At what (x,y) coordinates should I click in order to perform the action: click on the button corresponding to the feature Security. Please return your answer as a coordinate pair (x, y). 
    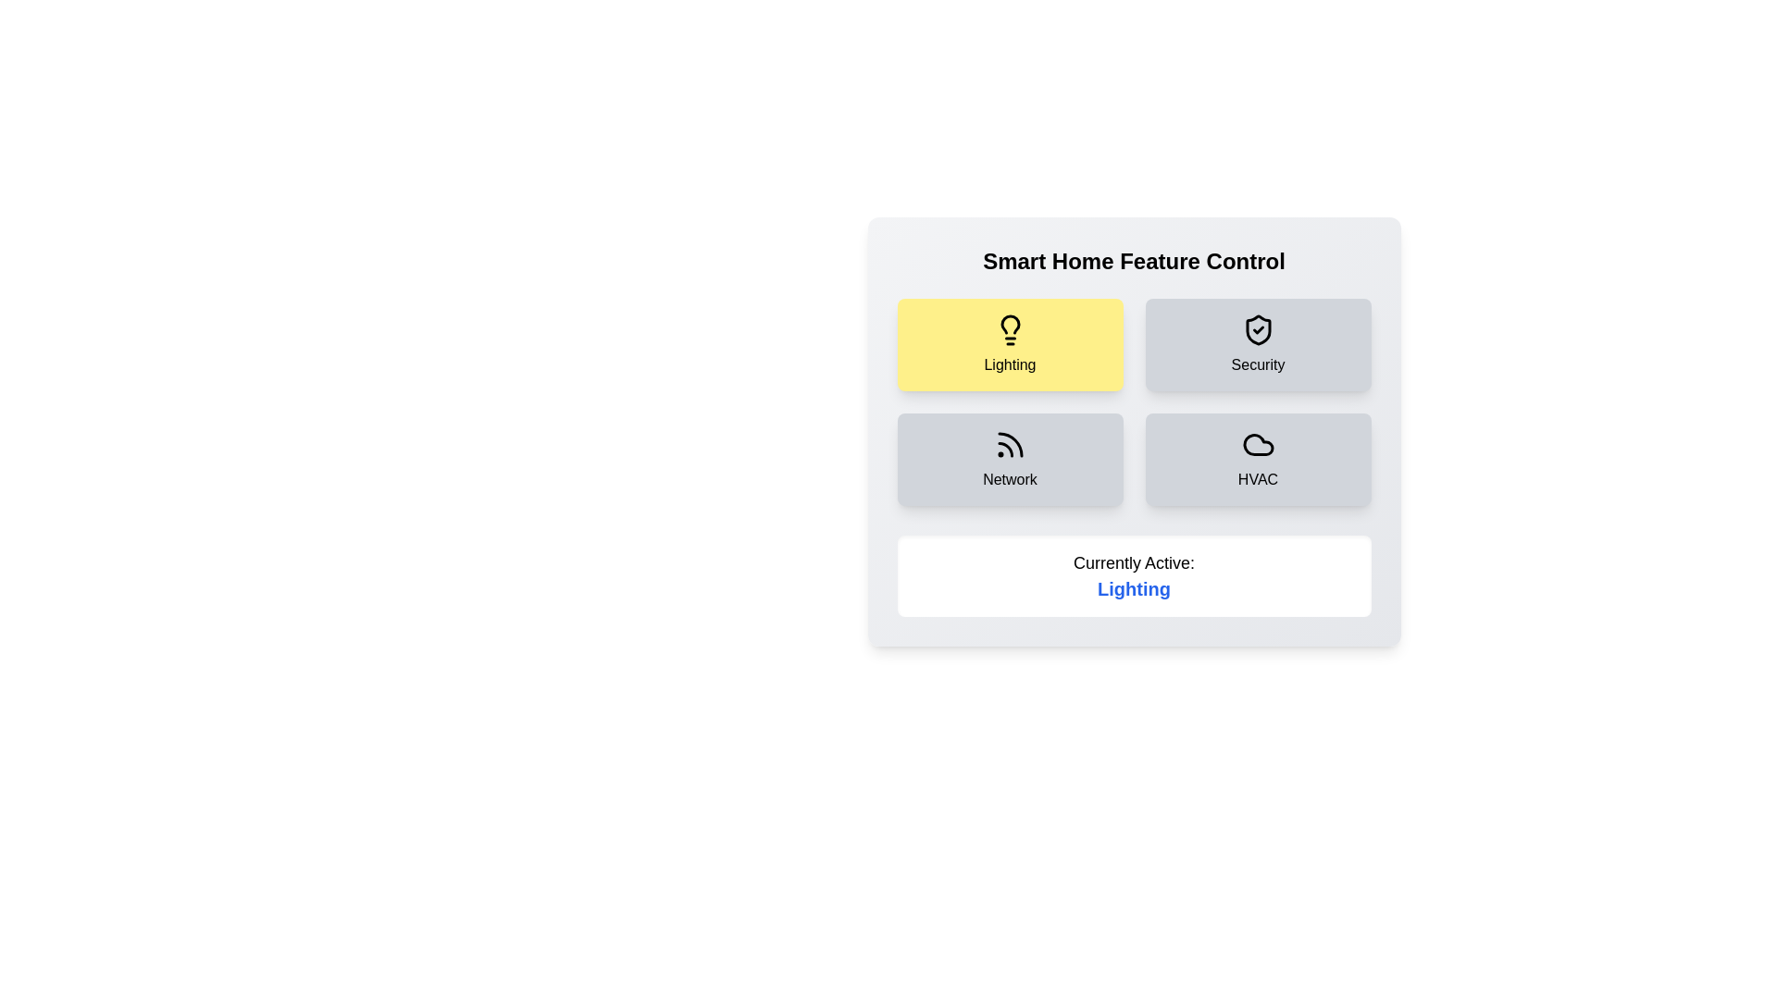
    Looking at the image, I should click on (1258, 345).